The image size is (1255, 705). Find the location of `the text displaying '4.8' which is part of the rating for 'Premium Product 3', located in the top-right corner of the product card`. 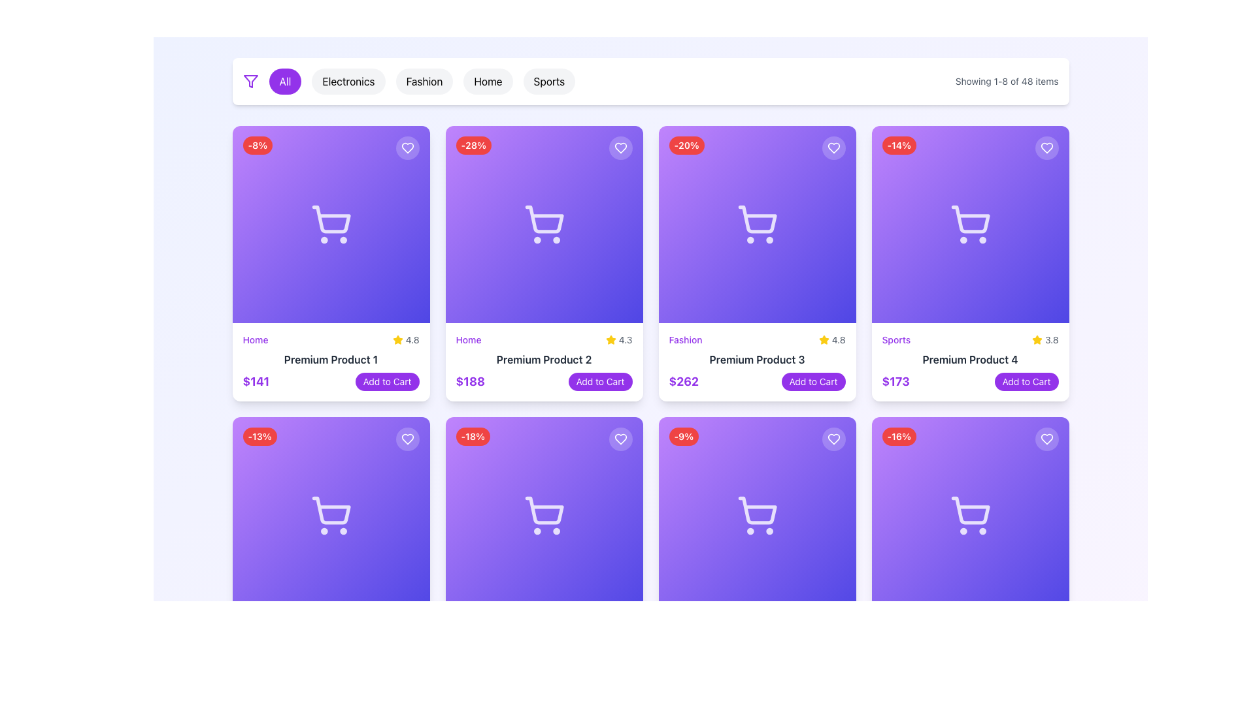

the text displaying '4.8' which is part of the rating for 'Premium Product 3', located in the top-right corner of the product card is located at coordinates (412, 339).